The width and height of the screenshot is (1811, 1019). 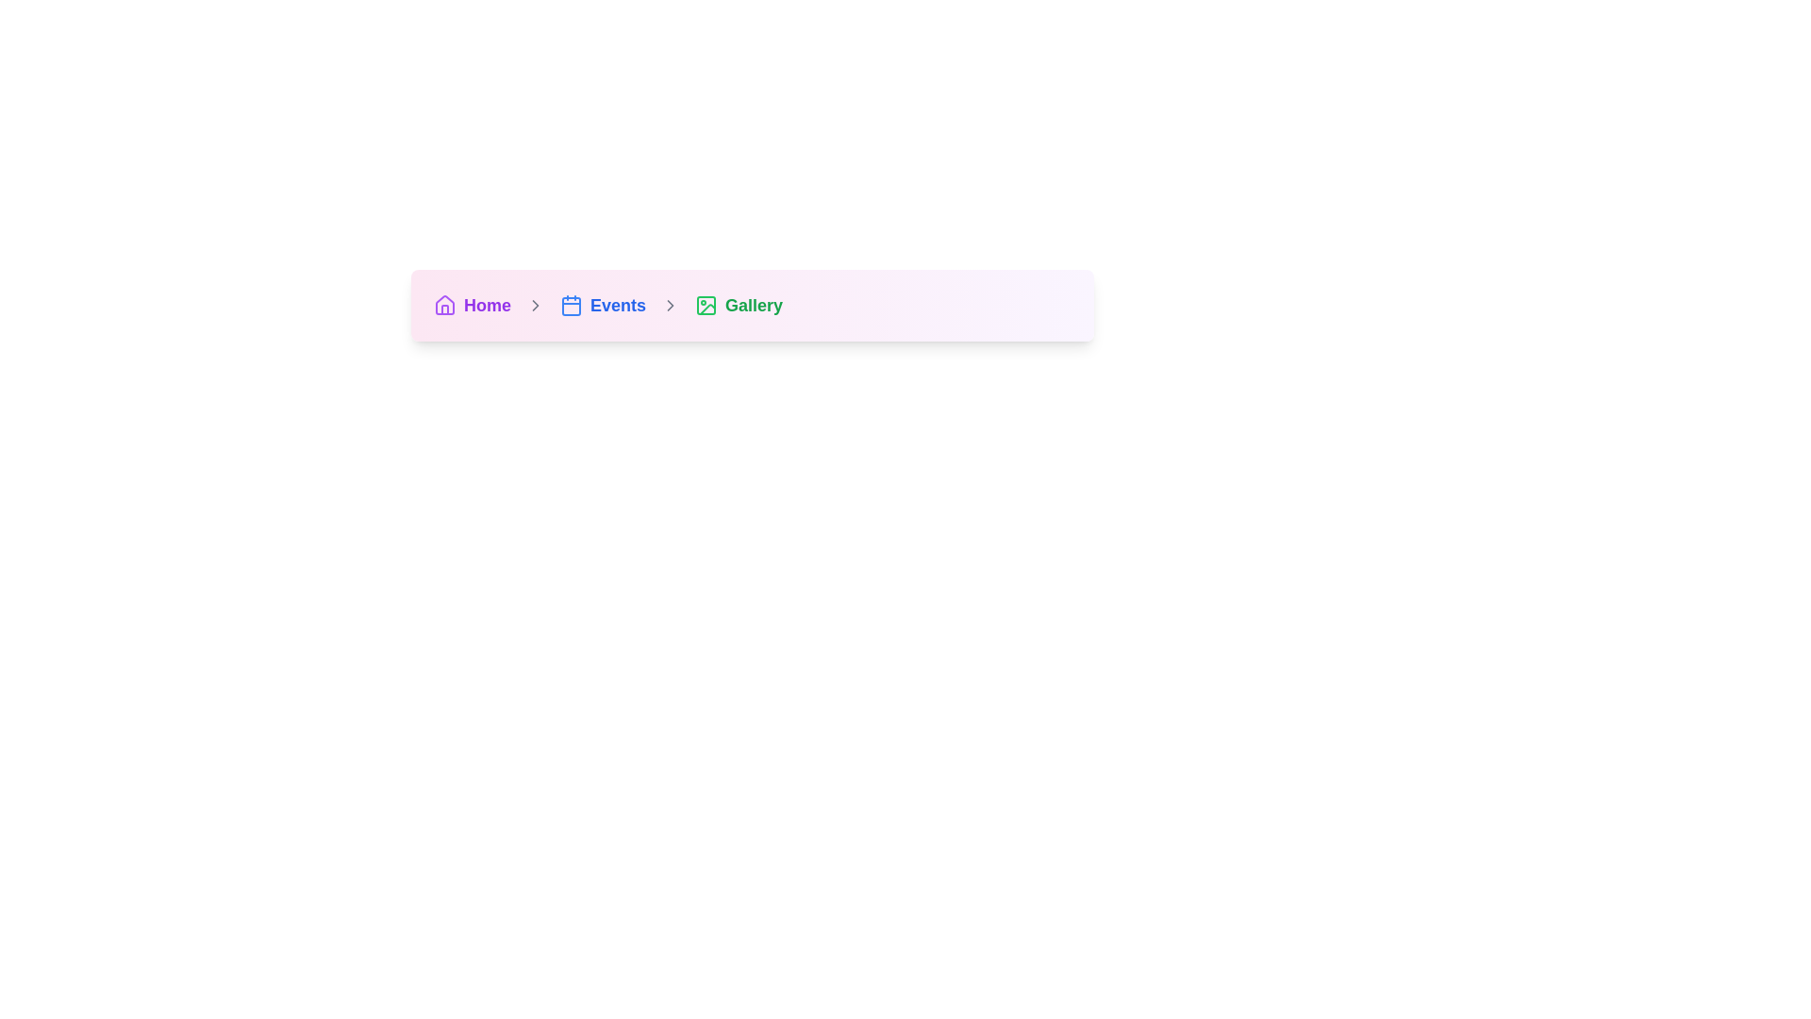 What do you see at coordinates (670, 305) in the screenshot?
I see `the SVG arrow icon located between the 'Events' and 'Gallery' links in the breadcrumb navigation` at bounding box center [670, 305].